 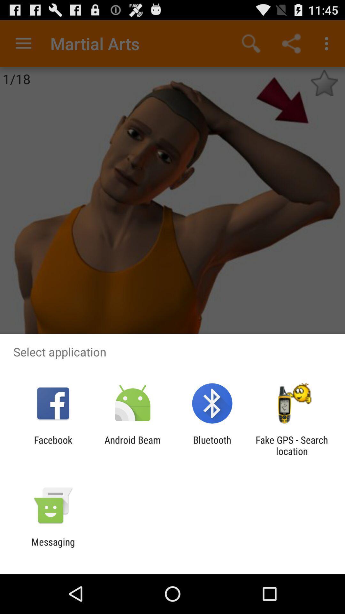 What do you see at coordinates (212, 445) in the screenshot?
I see `item to the left of the fake gps search app` at bounding box center [212, 445].